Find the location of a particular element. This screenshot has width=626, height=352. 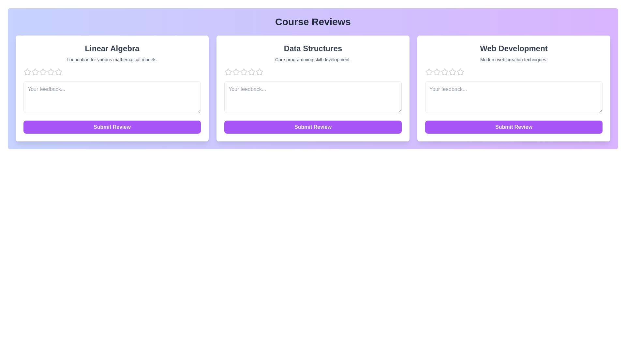

the course card for Web Development is located at coordinates (513, 88).